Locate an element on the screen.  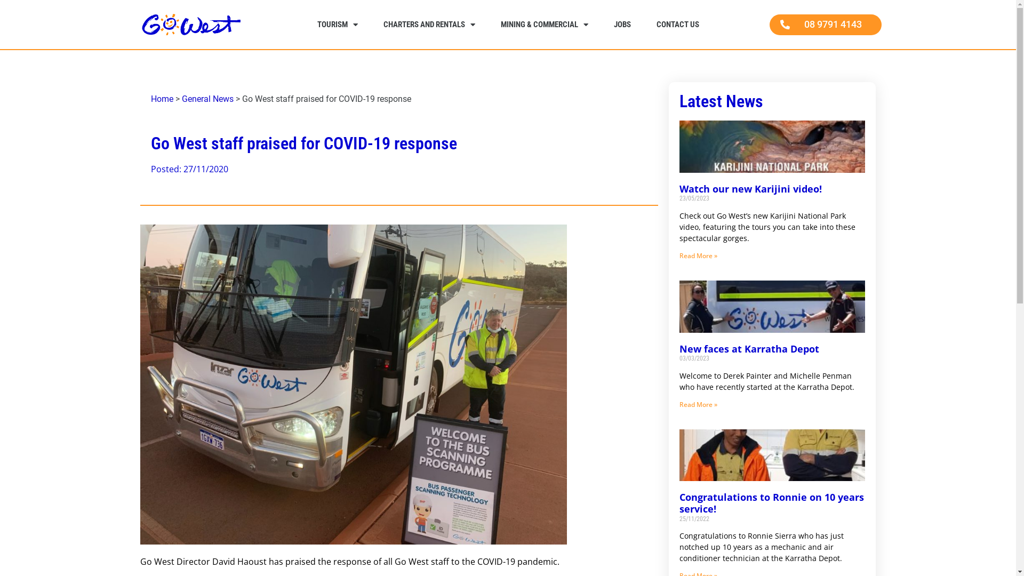
'JOBS' is located at coordinates (622, 24).